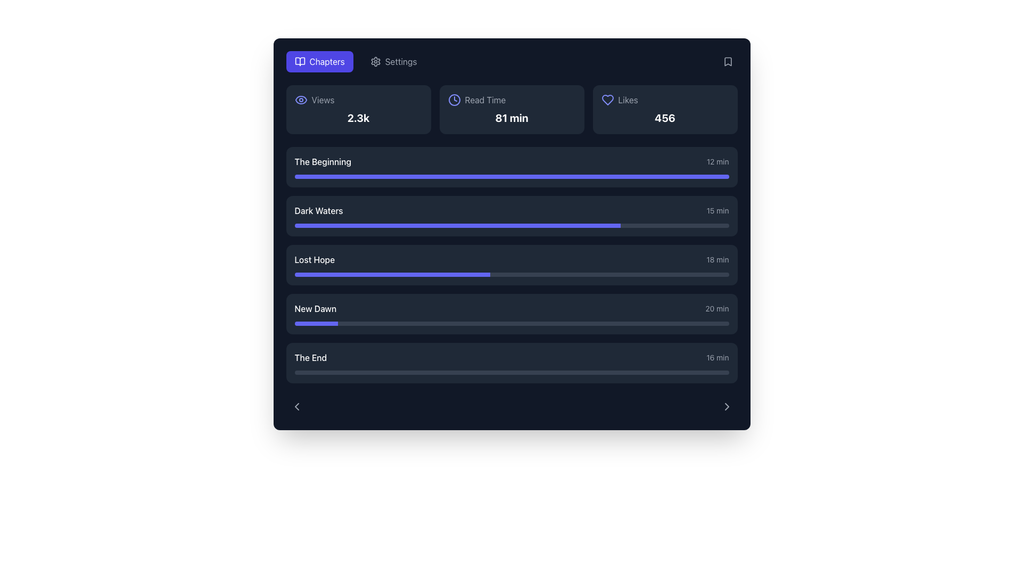  I want to click on the list item element displaying the chapter title 'Dark Waters' and the estimated time '15 min', so click(512, 211).